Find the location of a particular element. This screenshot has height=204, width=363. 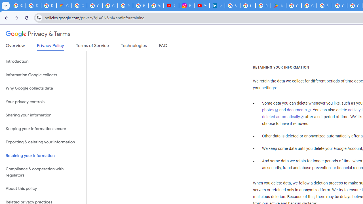

'Retaining your information' is located at coordinates (43, 156).